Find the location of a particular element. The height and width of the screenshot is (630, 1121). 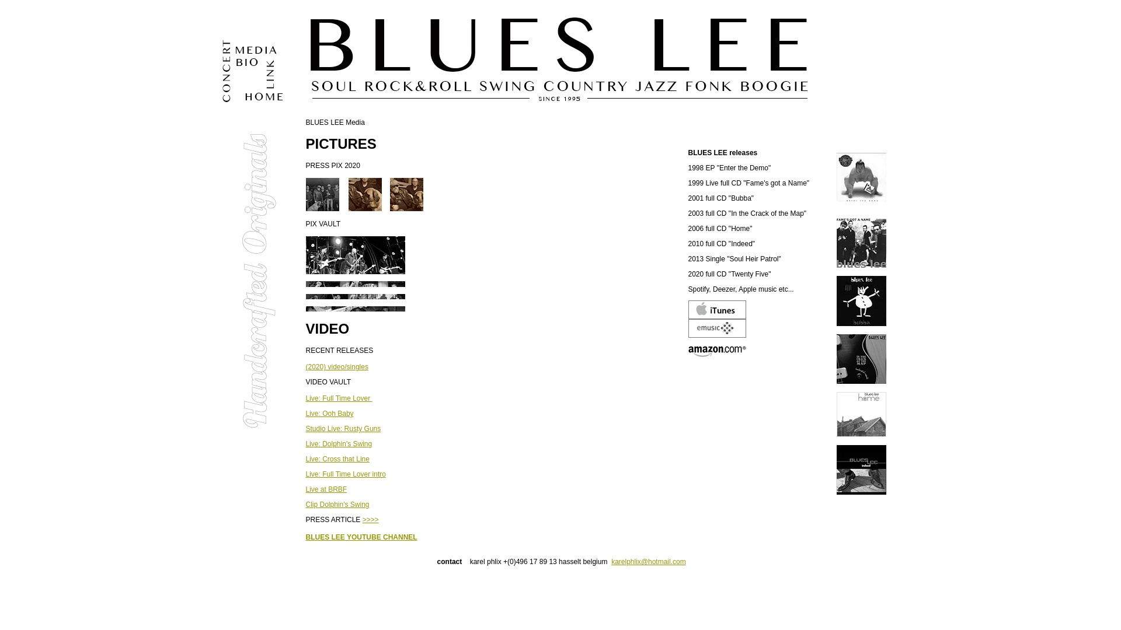

'Studio Live: Rusty Guns' is located at coordinates (343, 429).